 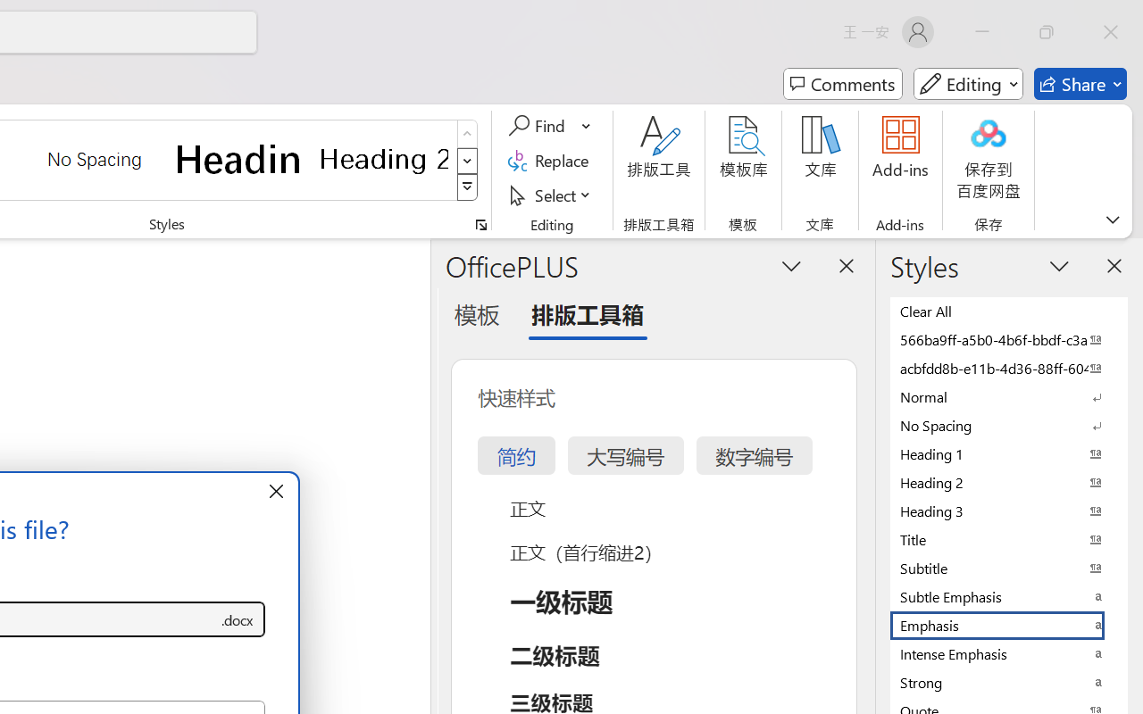 I want to click on 'Class: NetUIImage', so click(x=468, y=187).